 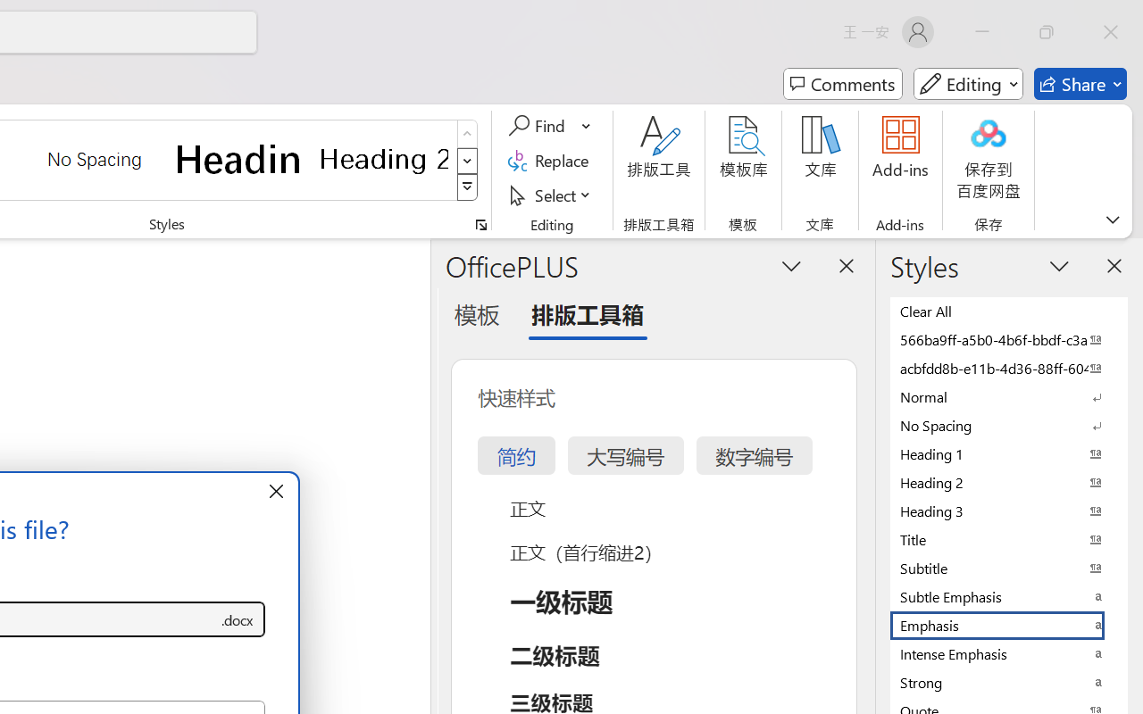 I want to click on 'Class: NetUIImage', so click(x=468, y=187).